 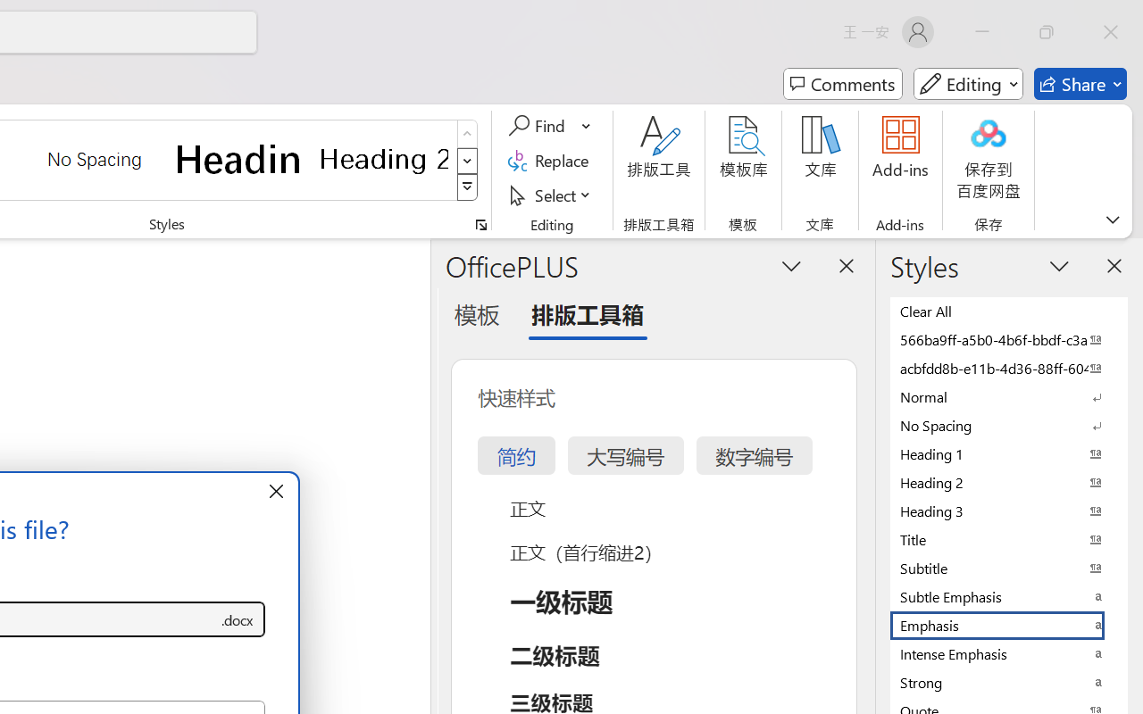 I want to click on 'Class: NetUIImage', so click(x=468, y=187).